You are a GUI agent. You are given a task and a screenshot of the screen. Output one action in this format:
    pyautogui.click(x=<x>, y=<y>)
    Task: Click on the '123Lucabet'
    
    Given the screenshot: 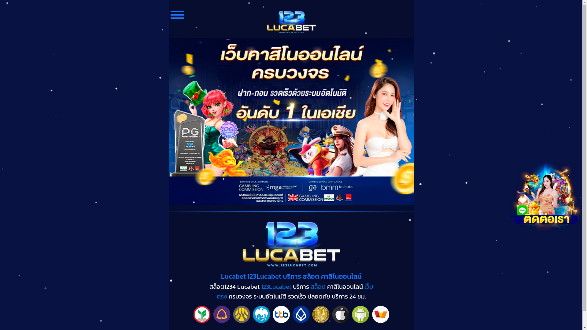 What is the action you would take?
    pyautogui.click(x=261, y=286)
    